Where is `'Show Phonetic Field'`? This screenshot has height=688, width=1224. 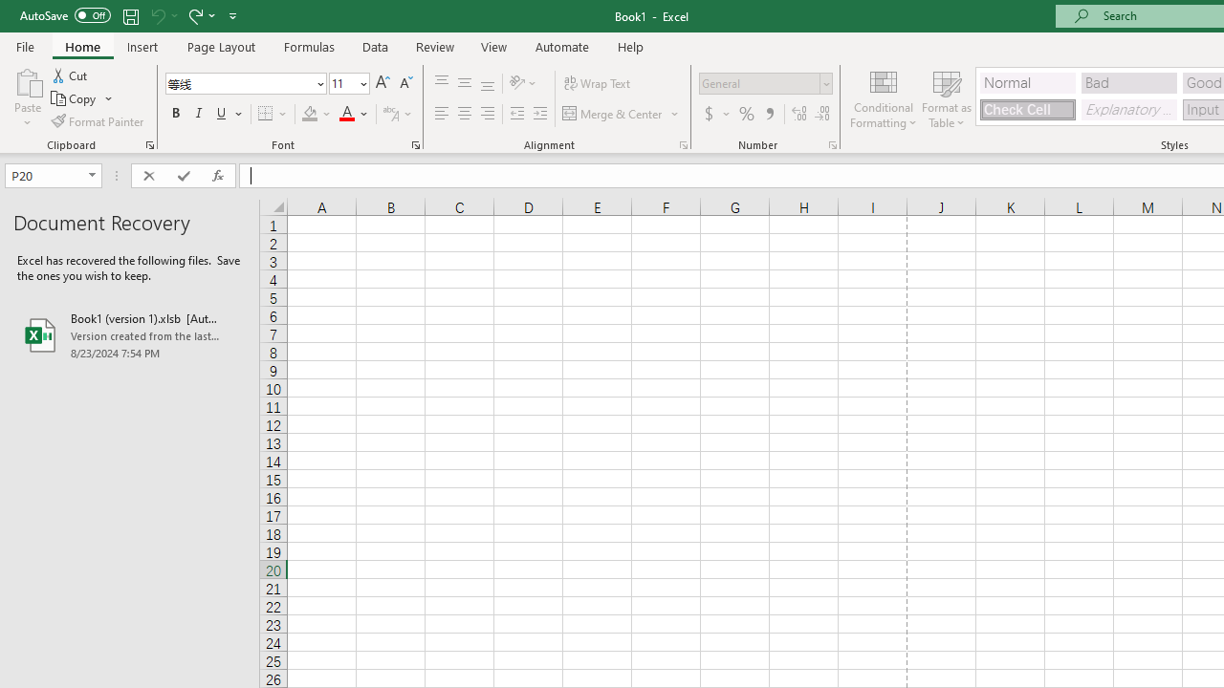
'Show Phonetic Field' is located at coordinates (389, 114).